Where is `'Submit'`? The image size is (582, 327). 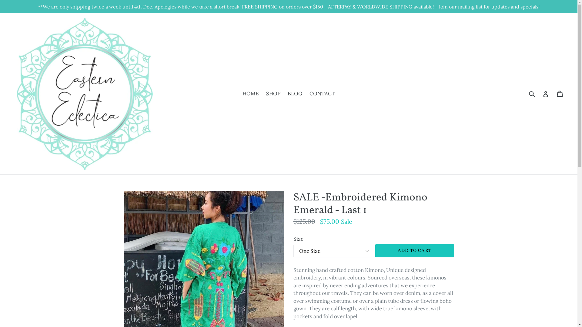
'Submit' is located at coordinates (531, 94).